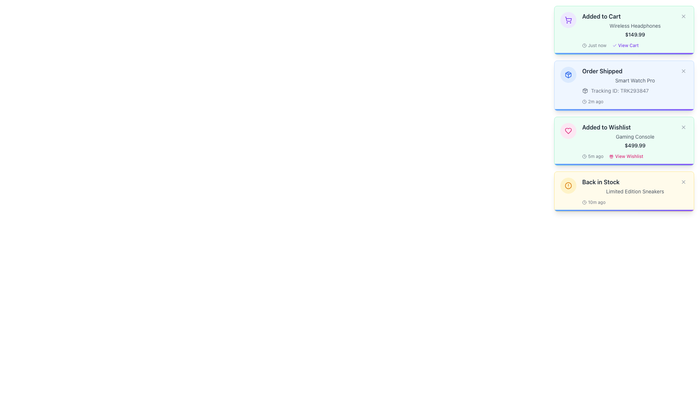  I want to click on the Decorative Bar, a narrow horizontal bar with a gradient color scheme transitioning from blue to violet, located at the bottom of the 'Added to Wishlist' section, so click(624, 165).